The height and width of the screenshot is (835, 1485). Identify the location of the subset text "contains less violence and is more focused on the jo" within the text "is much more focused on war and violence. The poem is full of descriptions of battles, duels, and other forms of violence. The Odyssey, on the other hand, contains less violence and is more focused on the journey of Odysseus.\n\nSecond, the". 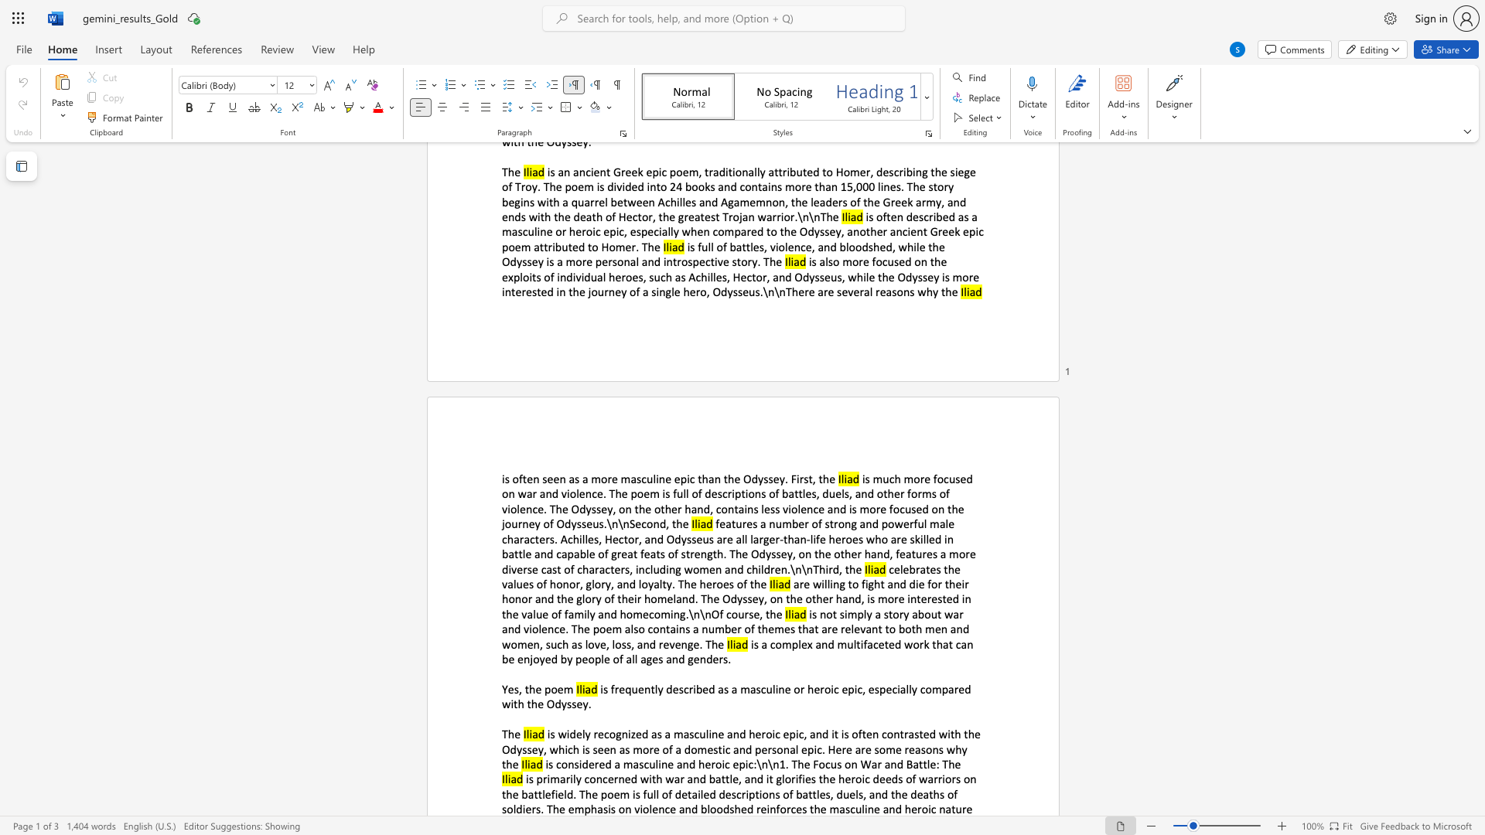
(715, 509).